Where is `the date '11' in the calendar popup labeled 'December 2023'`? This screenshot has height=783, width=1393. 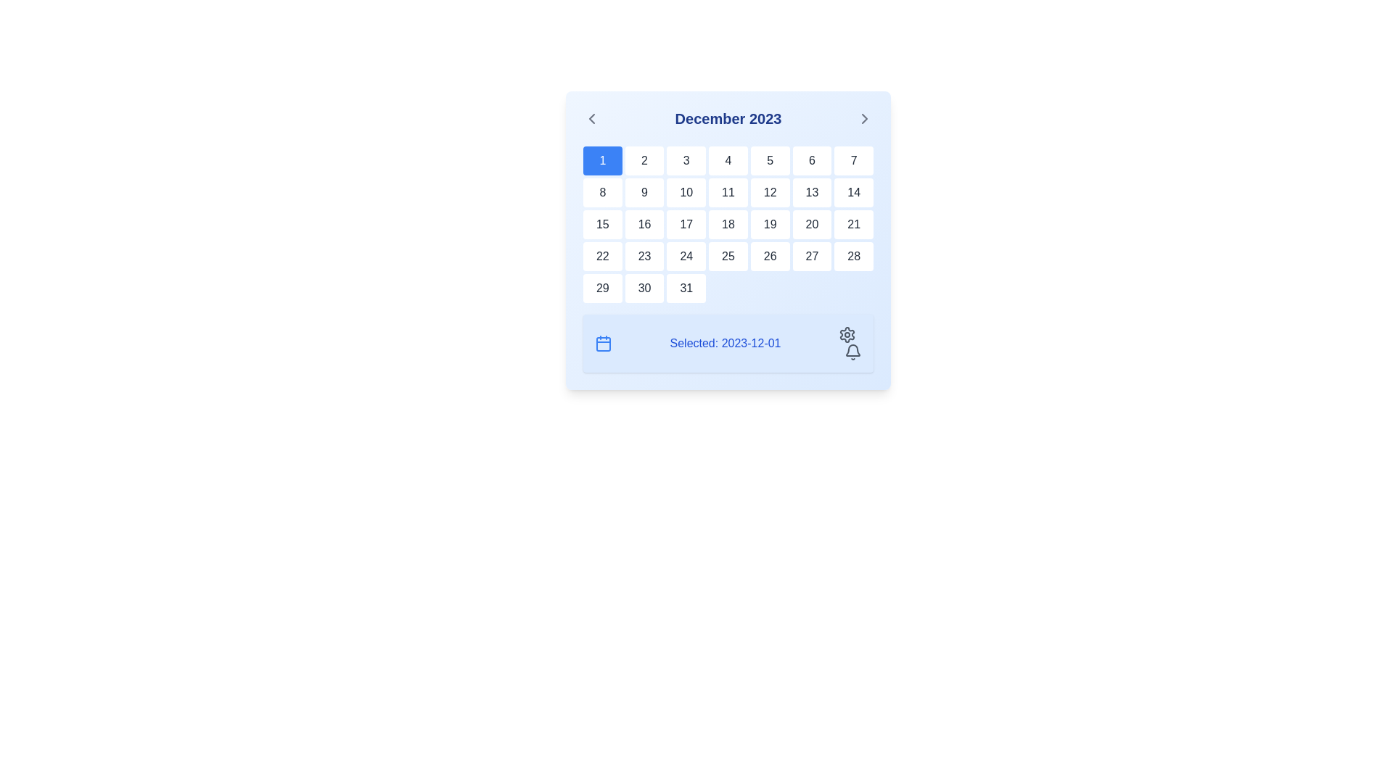 the date '11' in the calendar popup labeled 'December 2023' is located at coordinates (728, 192).